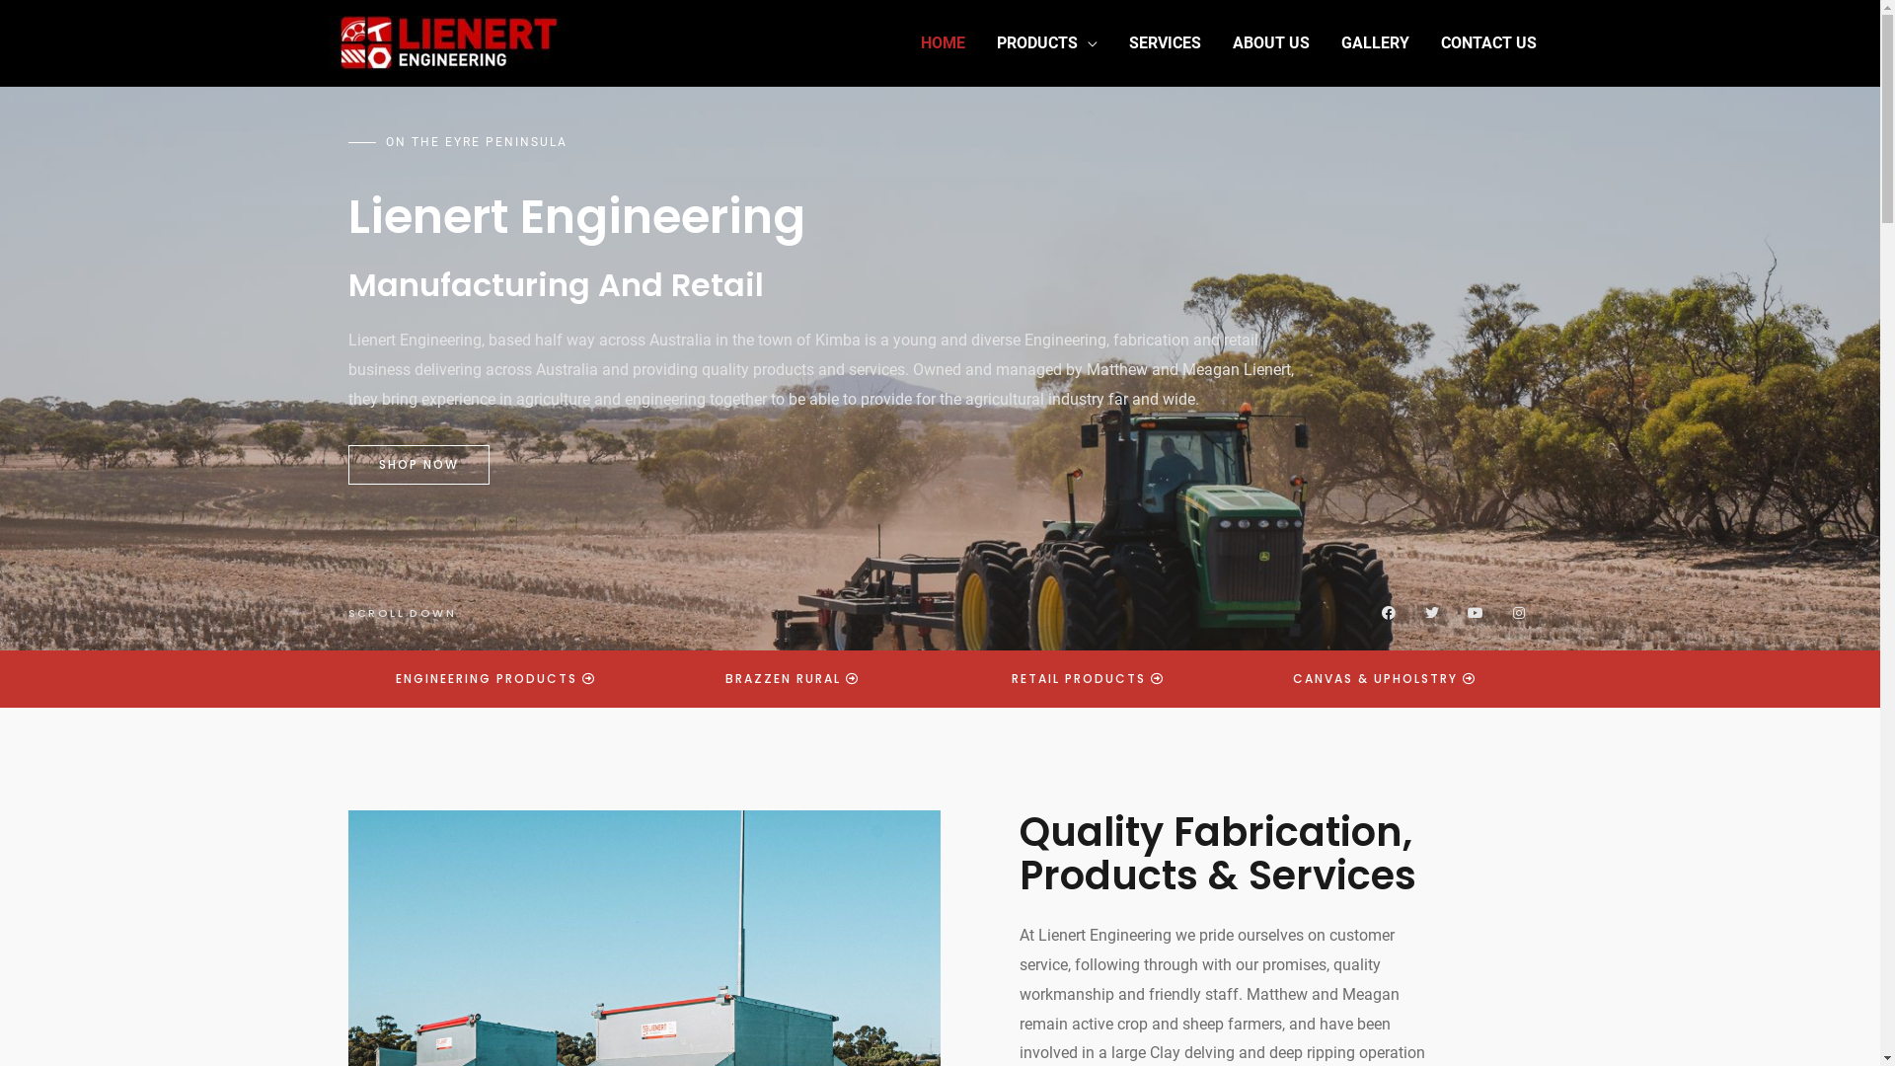 The height and width of the screenshot is (1066, 1895). Describe the element at coordinates (1373, 42) in the screenshot. I see `'GALLERY'` at that location.